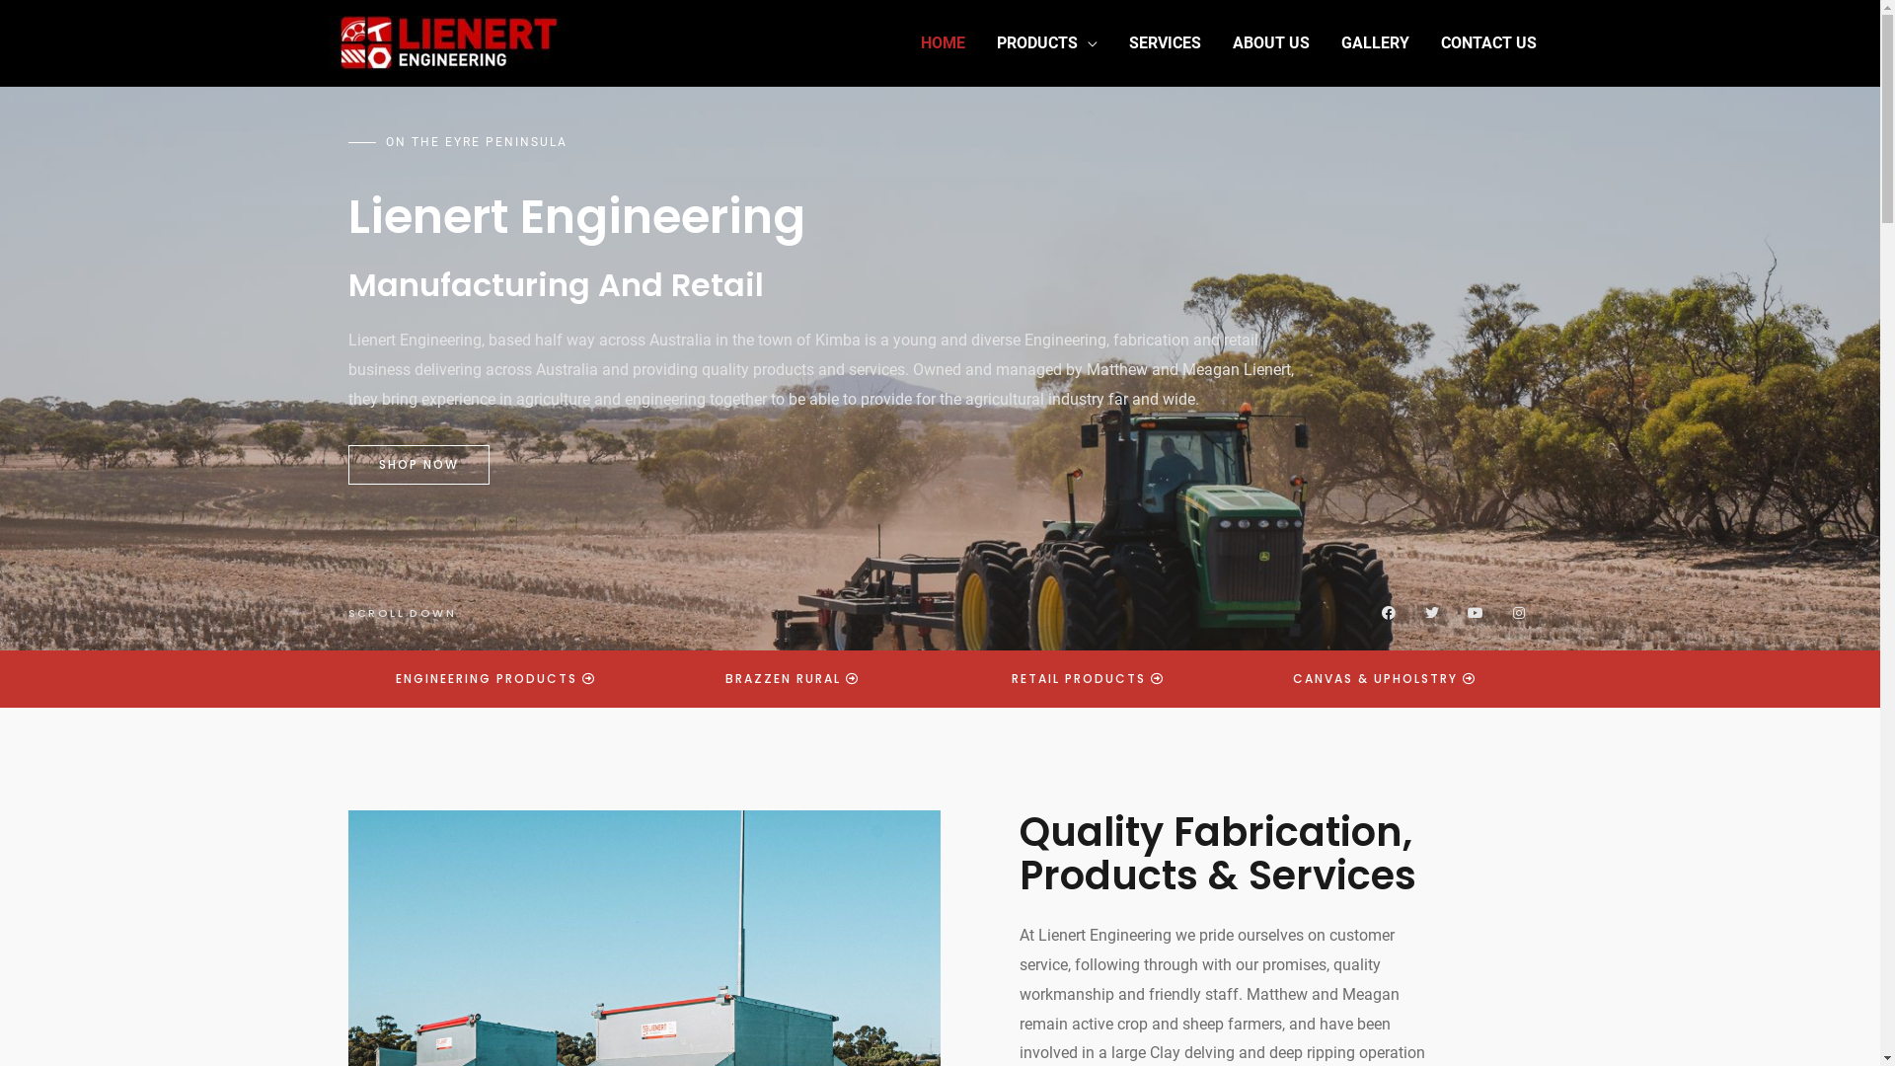 The height and width of the screenshot is (1066, 1895). Describe the element at coordinates (1373, 42) in the screenshot. I see `'GALLERY'` at that location.